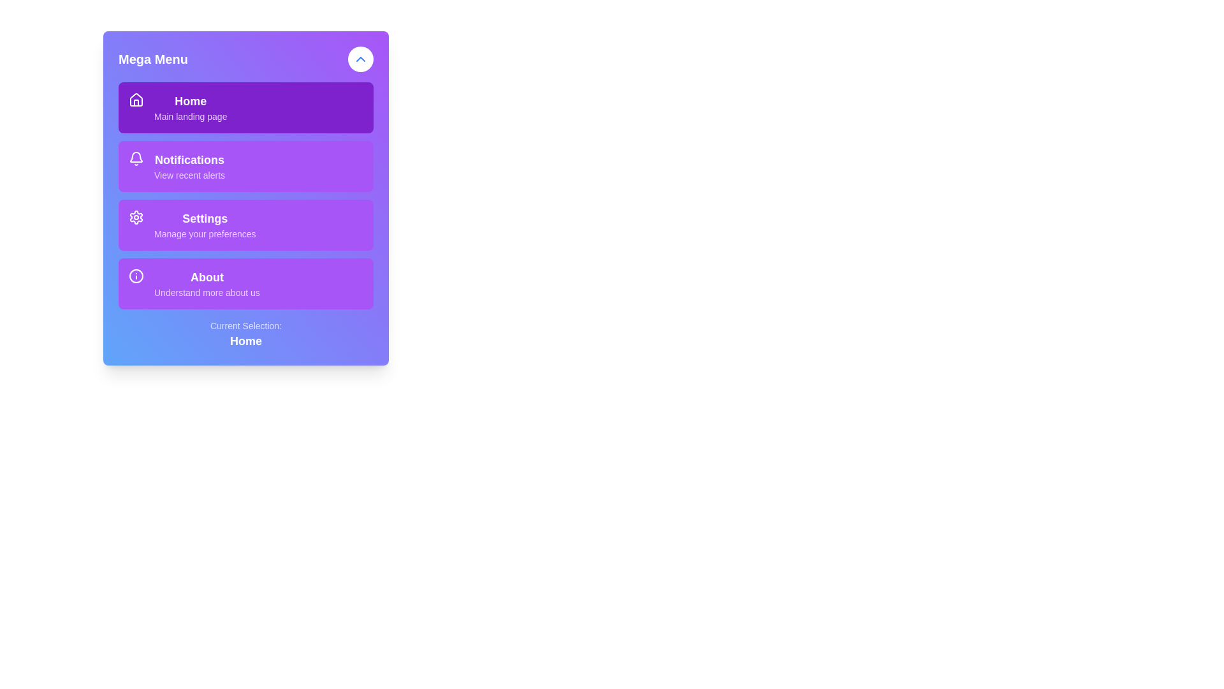  I want to click on the interactive button located at the top-right corner of the 'Mega Menu', so click(360, 59).